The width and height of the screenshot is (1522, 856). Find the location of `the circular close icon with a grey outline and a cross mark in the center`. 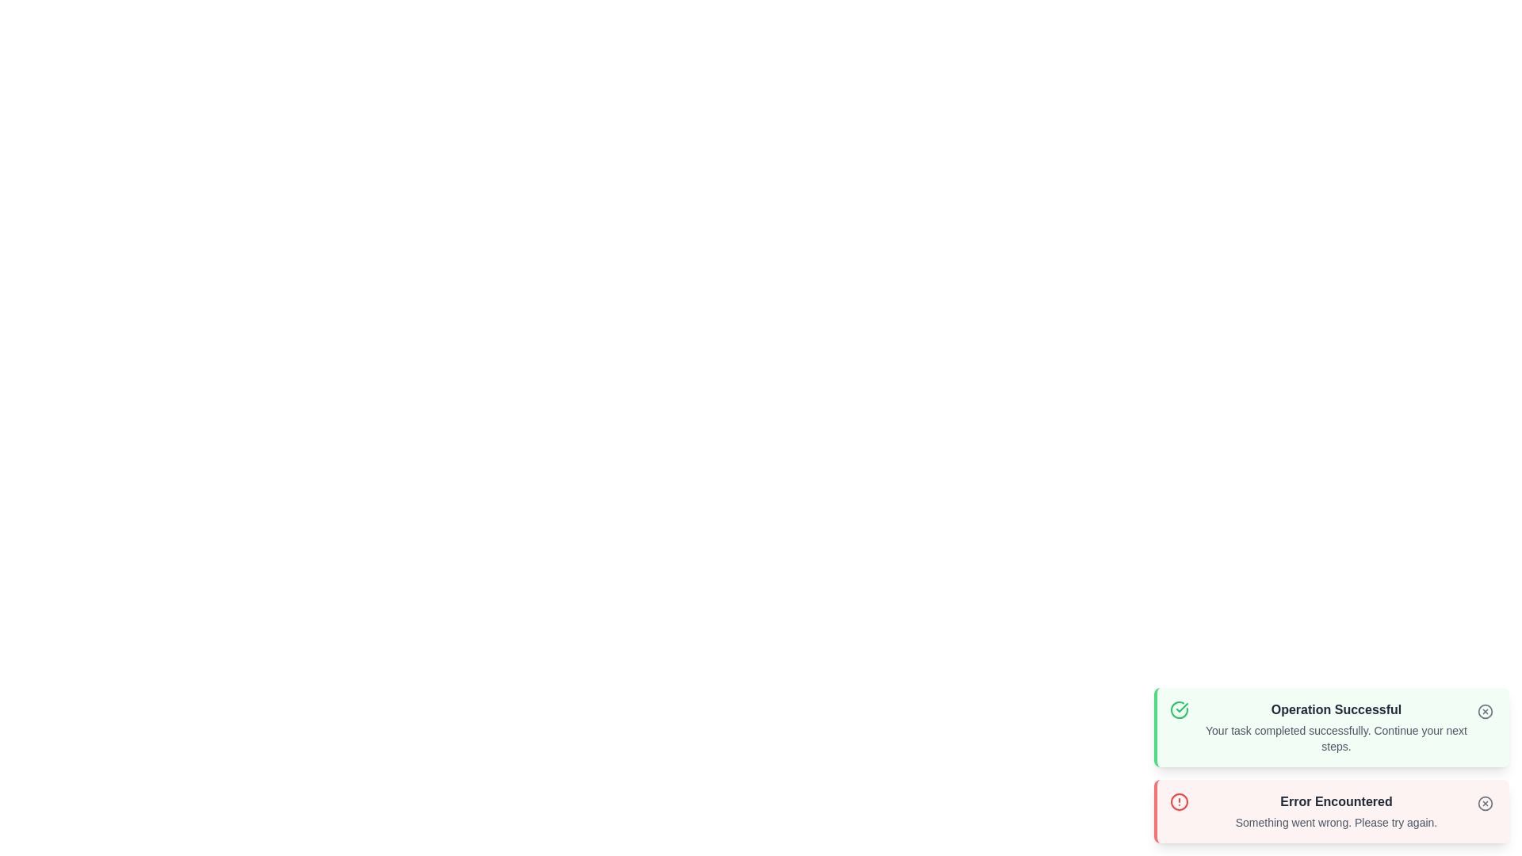

the circular close icon with a grey outline and a cross mark in the center is located at coordinates (1484, 711).